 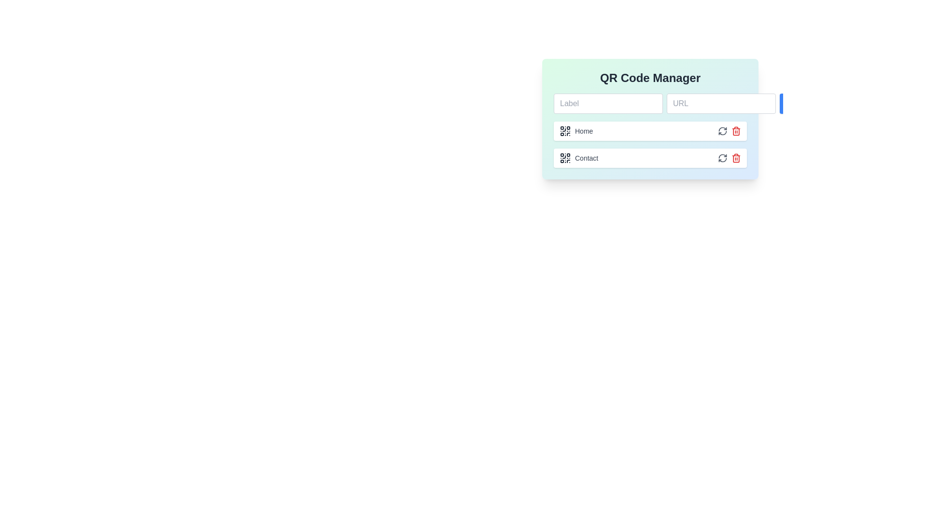 I want to click on the trash can icon component, which is styled with clean stroke lines and is red in color, located to the right of the 'Home' entry in the QR Code Manager interface, so click(x=736, y=158).